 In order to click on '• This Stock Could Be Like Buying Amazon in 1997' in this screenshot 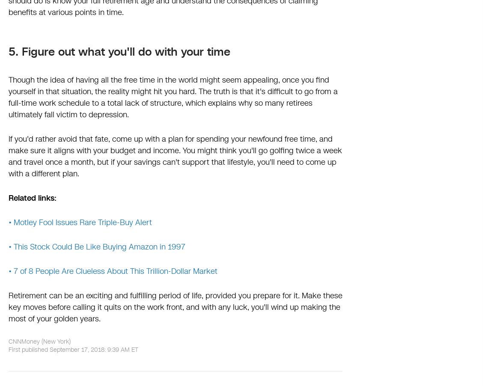, I will do `click(8, 247)`.